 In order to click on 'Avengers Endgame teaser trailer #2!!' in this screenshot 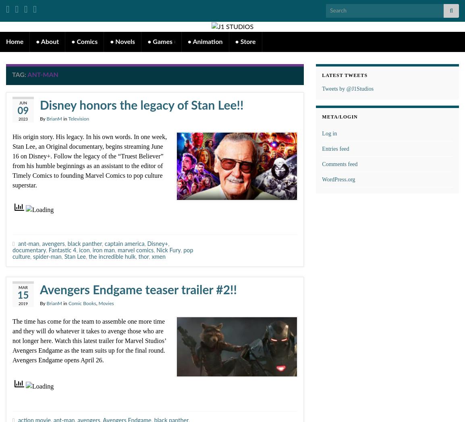, I will do `click(138, 290)`.